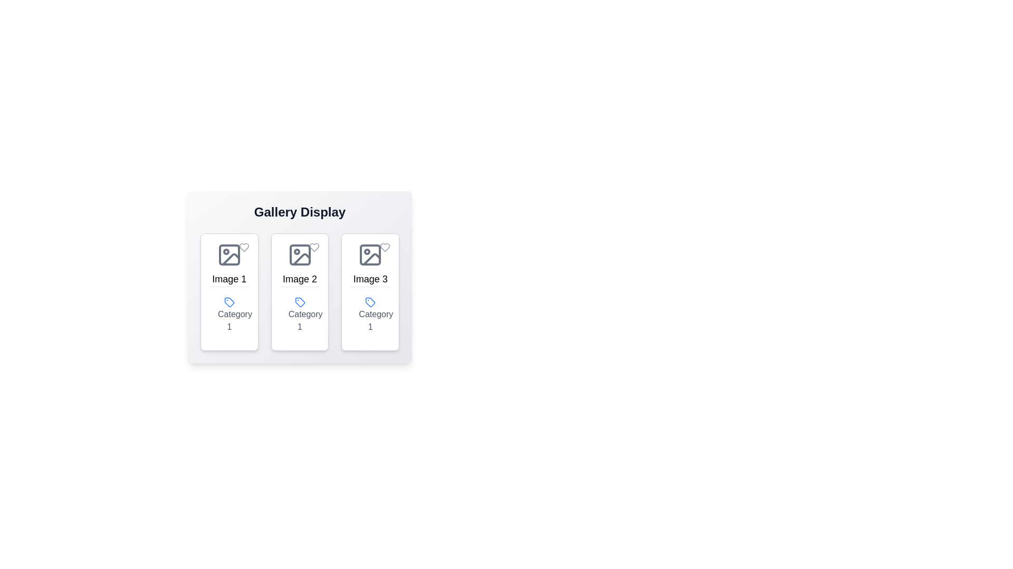  What do you see at coordinates (299, 302) in the screenshot?
I see `the tag-shaped icon with a blue outline and white interior, located below the image thumbnail in the second card of a horizontally-aligned gallery` at bounding box center [299, 302].